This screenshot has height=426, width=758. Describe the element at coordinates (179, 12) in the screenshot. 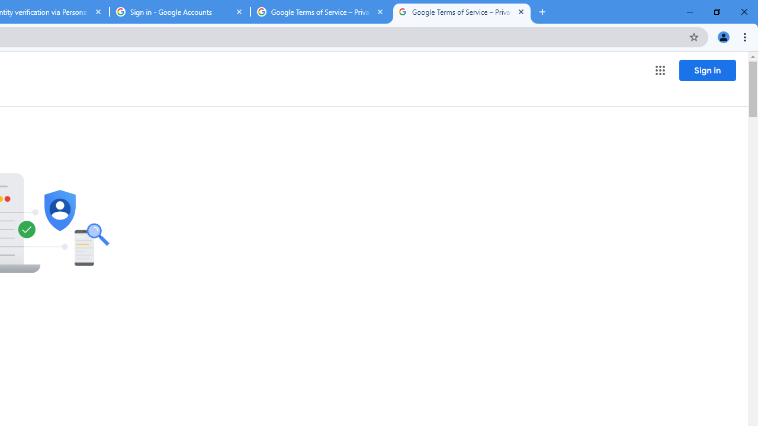

I see `'Sign in - Google Accounts'` at that location.